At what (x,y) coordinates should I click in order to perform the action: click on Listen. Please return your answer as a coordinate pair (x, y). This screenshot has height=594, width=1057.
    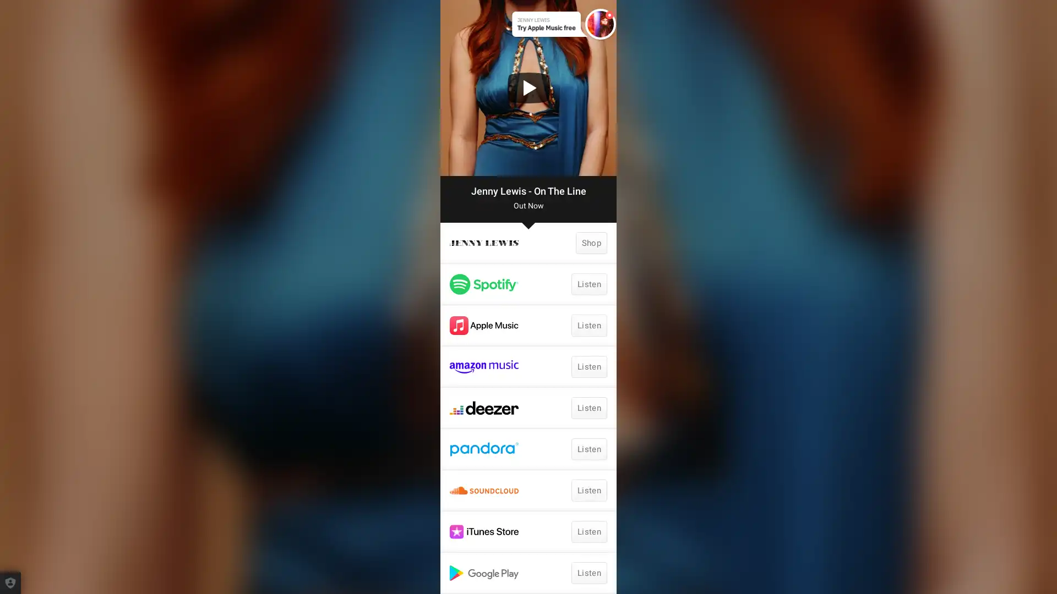
    Looking at the image, I should click on (589, 490).